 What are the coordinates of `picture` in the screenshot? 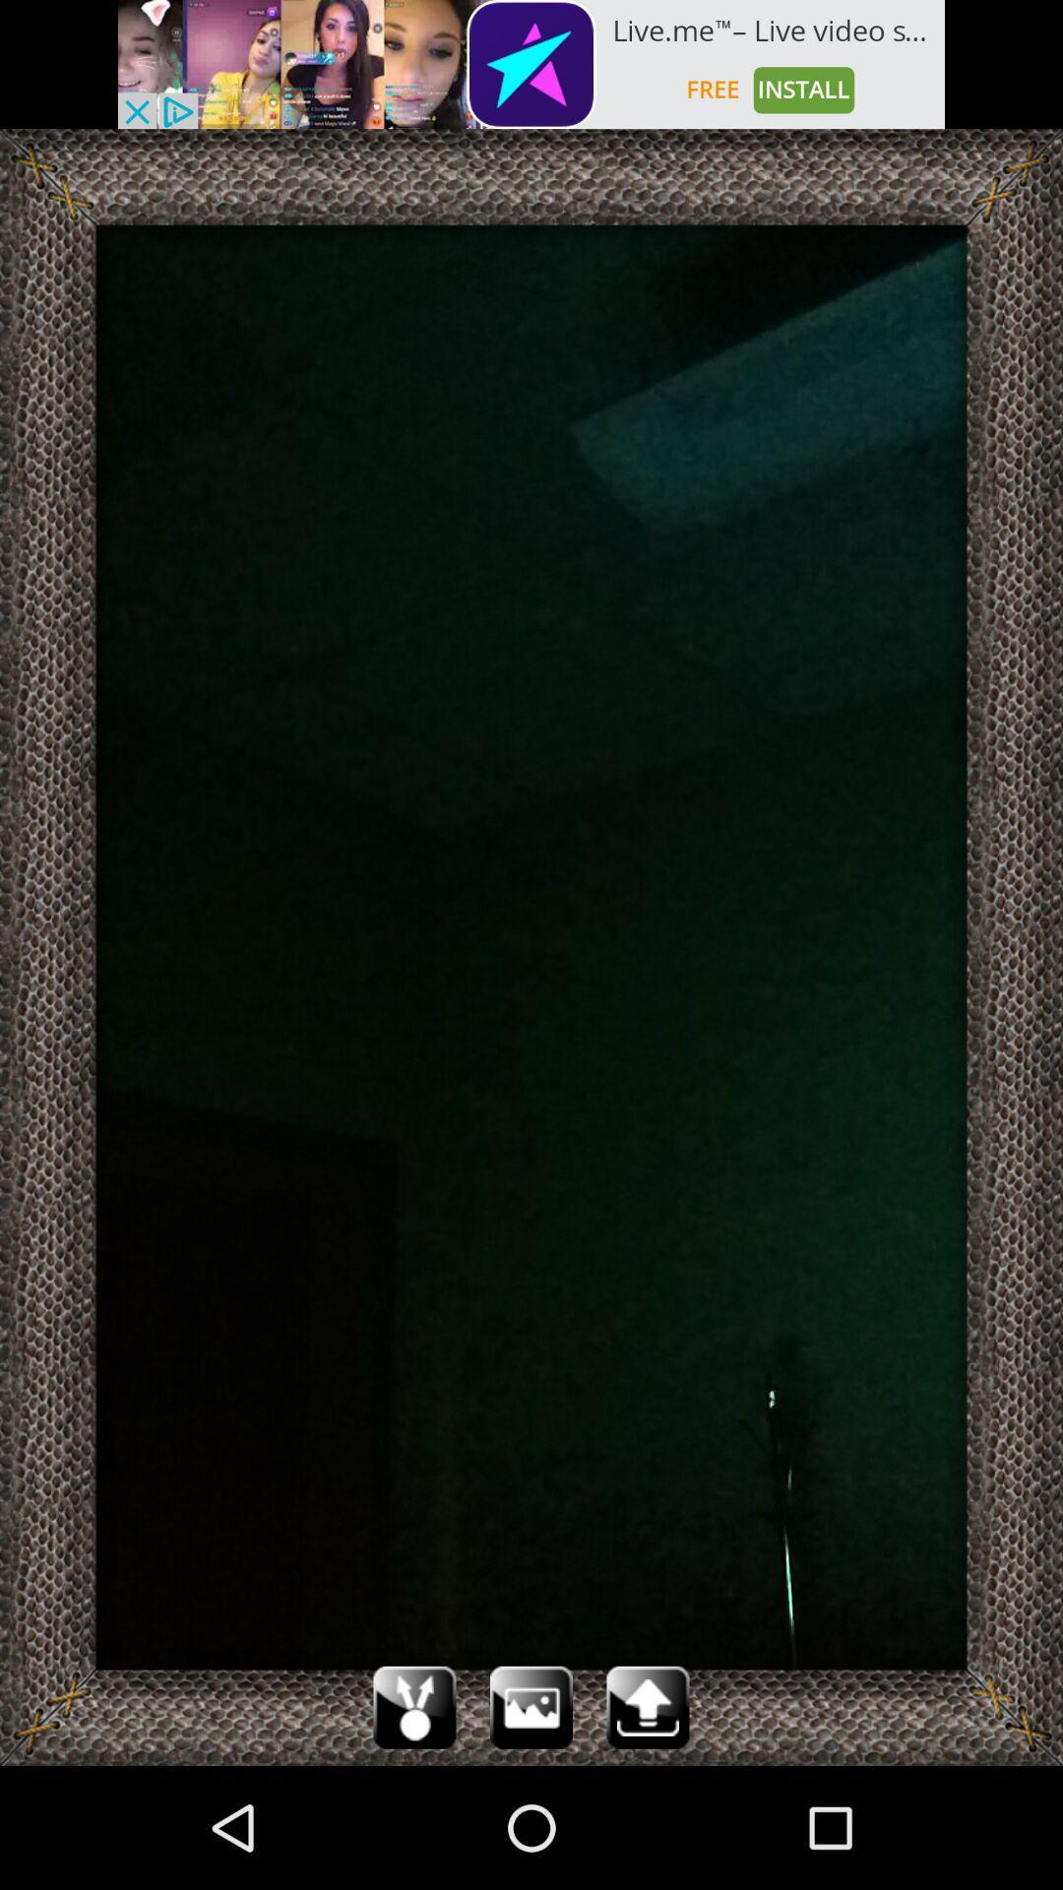 It's located at (531, 1706).